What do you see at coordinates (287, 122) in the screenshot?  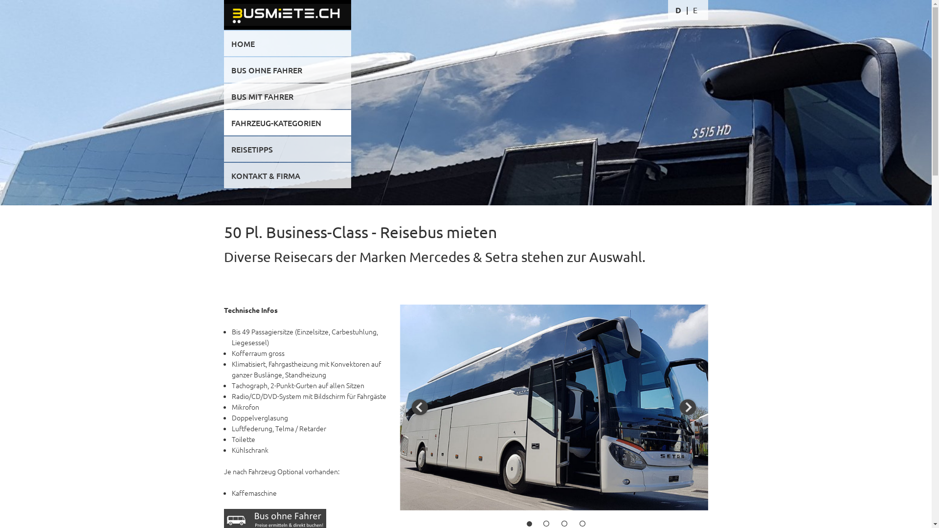 I see `'FAHRZEUG-KATEGORIEN'` at bounding box center [287, 122].